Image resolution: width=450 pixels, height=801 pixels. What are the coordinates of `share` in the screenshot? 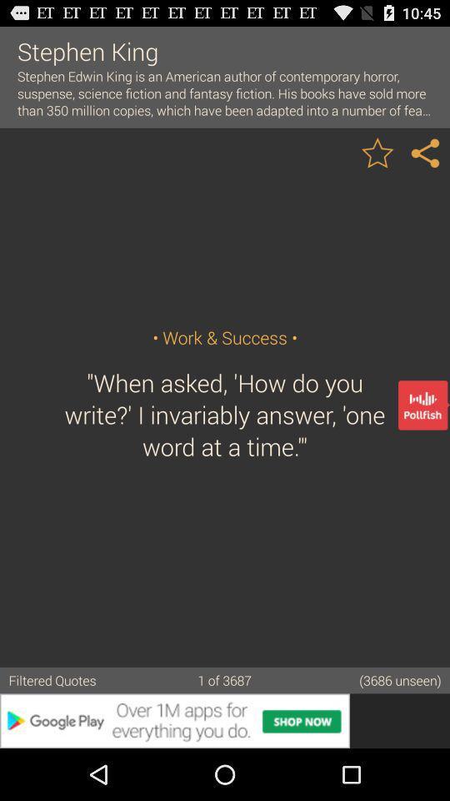 It's located at (426, 152).